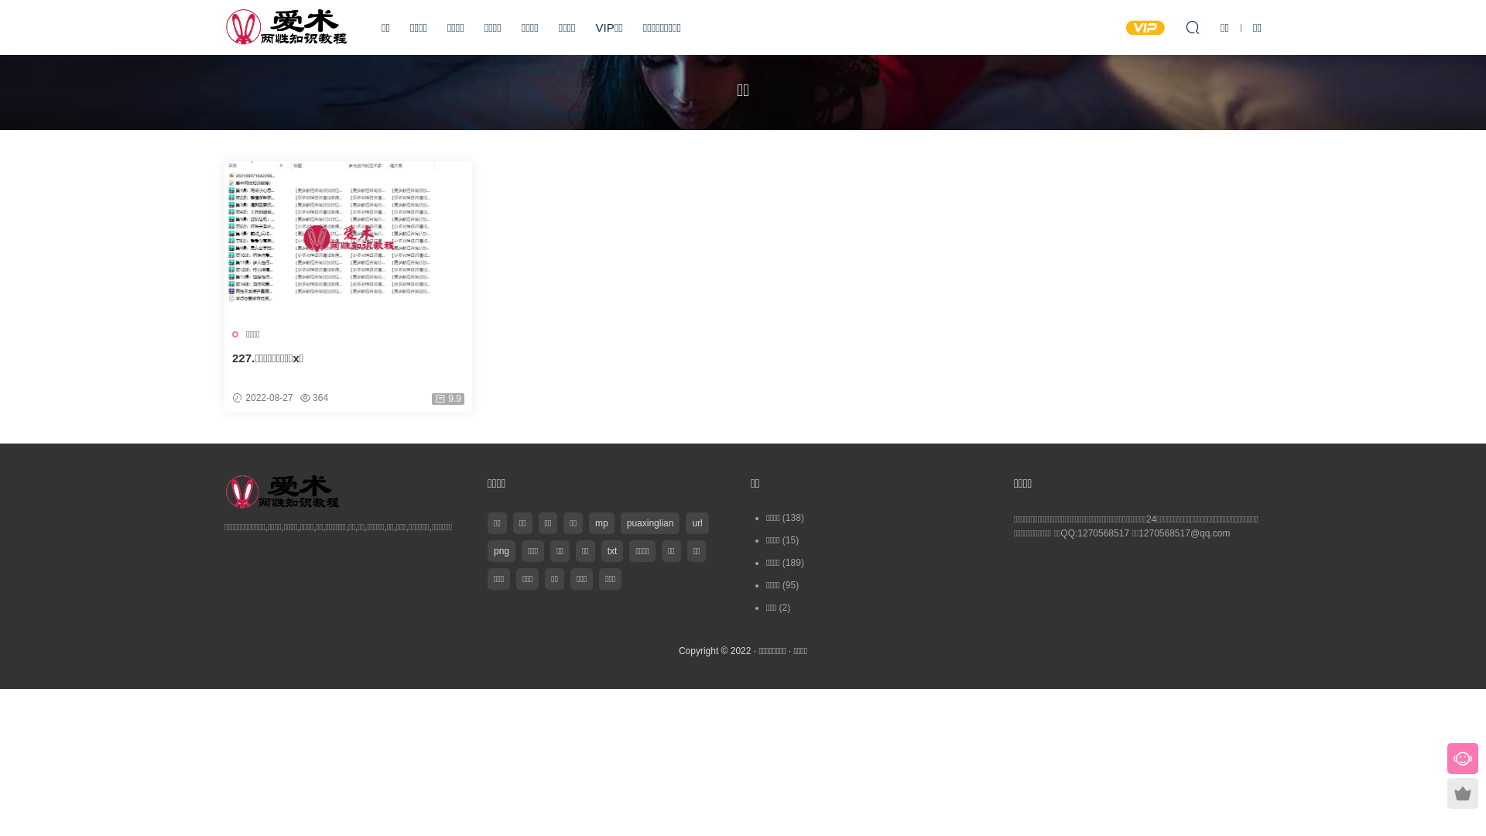 The width and height of the screenshot is (1486, 836). Describe the element at coordinates (588, 522) in the screenshot. I see `'mp'` at that location.